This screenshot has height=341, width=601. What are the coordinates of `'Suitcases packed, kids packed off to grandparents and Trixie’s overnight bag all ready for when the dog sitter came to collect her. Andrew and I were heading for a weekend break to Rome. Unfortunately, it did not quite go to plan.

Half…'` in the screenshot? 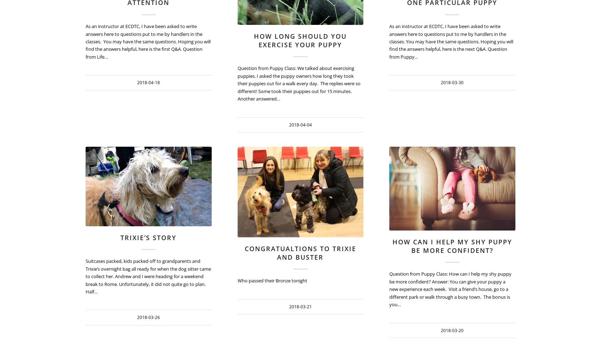 It's located at (148, 276).